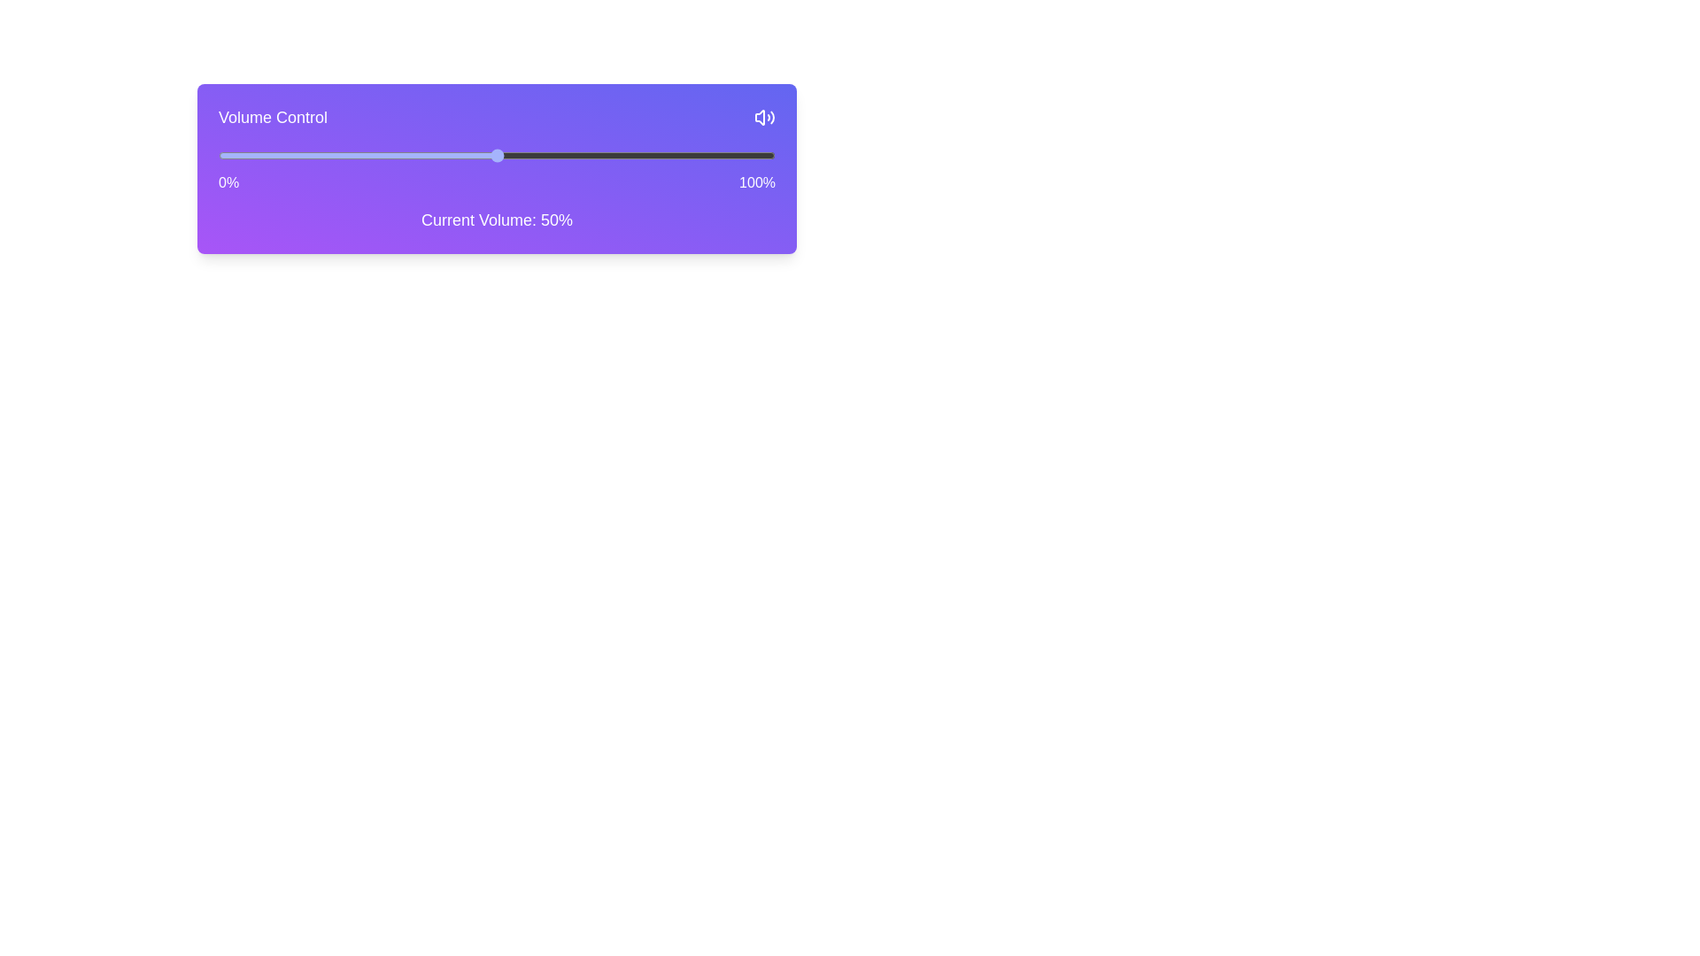 The height and width of the screenshot is (956, 1700). What do you see at coordinates (496, 183) in the screenshot?
I see `the text label displaying the minimum ('0%') and maximum ('100%') values of the slider, which is positioned below the slider component` at bounding box center [496, 183].